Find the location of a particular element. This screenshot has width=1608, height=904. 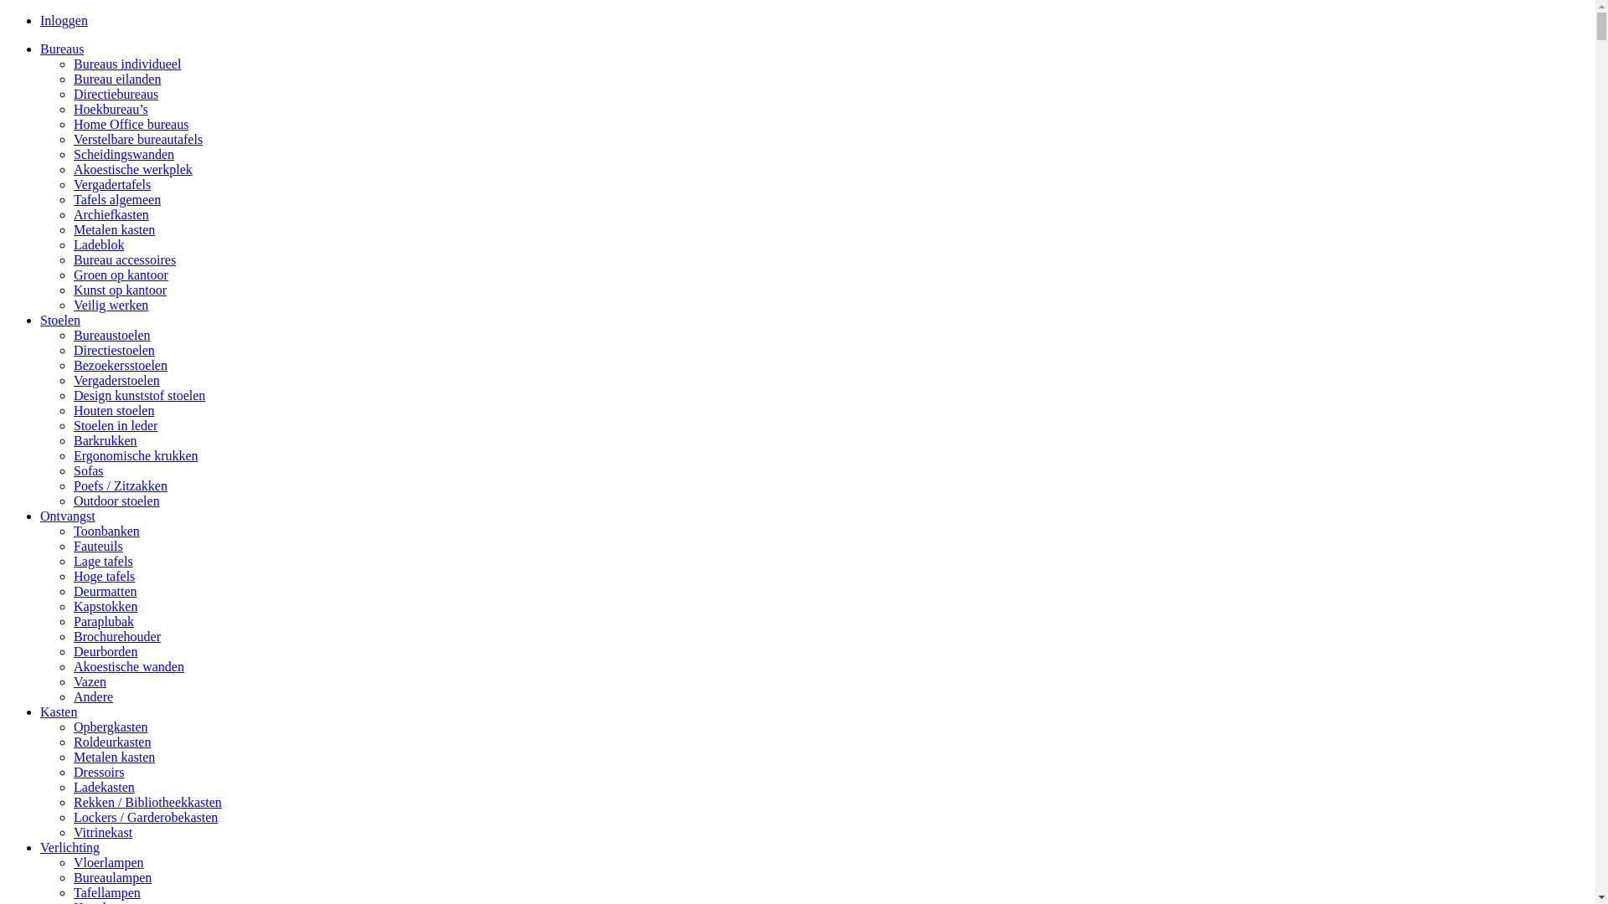

'Deurmatten' is located at coordinates (104, 590).